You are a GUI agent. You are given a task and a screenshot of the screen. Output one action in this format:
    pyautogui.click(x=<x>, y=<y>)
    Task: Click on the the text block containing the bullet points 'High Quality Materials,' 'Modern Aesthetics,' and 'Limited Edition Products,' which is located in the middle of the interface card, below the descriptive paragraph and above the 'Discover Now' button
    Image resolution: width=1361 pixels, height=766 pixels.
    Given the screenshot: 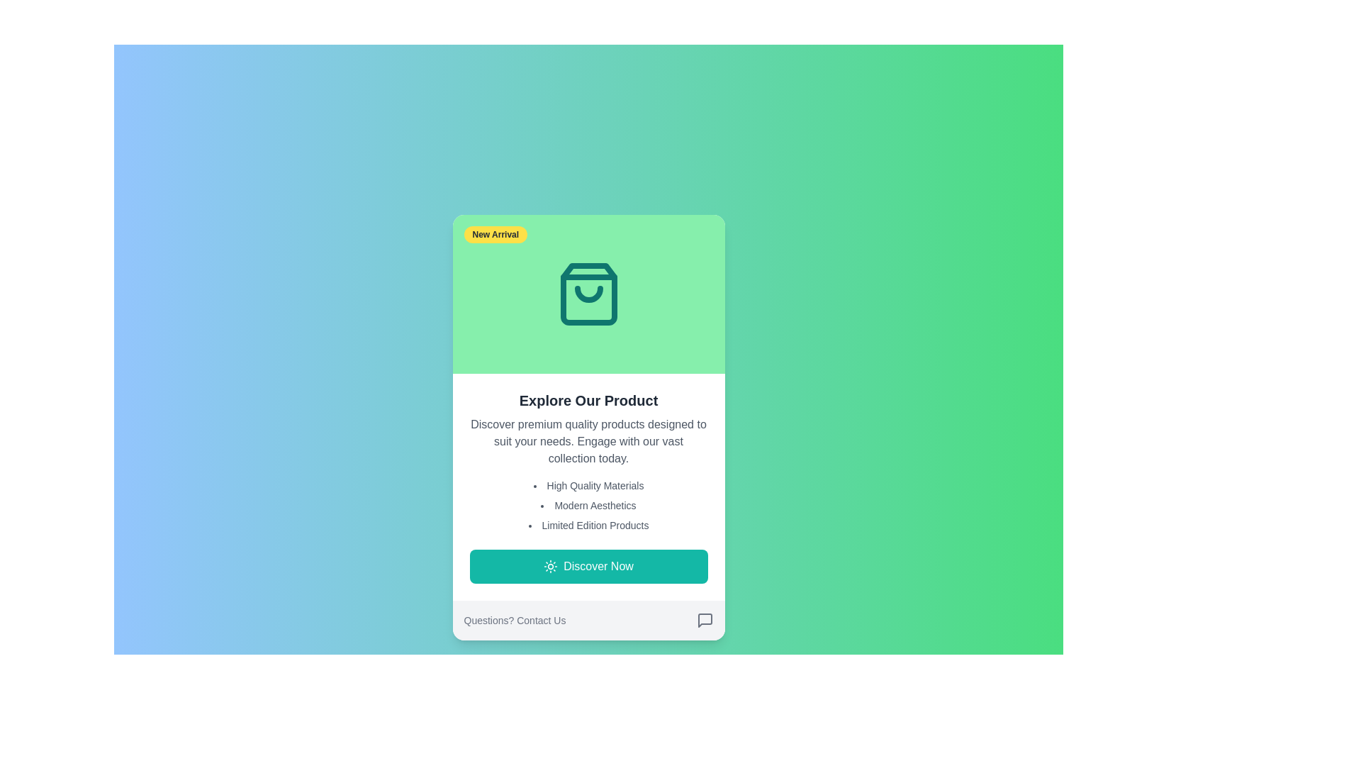 What is the action you would take?
    pyautogui.click(x=588, y=505)
    